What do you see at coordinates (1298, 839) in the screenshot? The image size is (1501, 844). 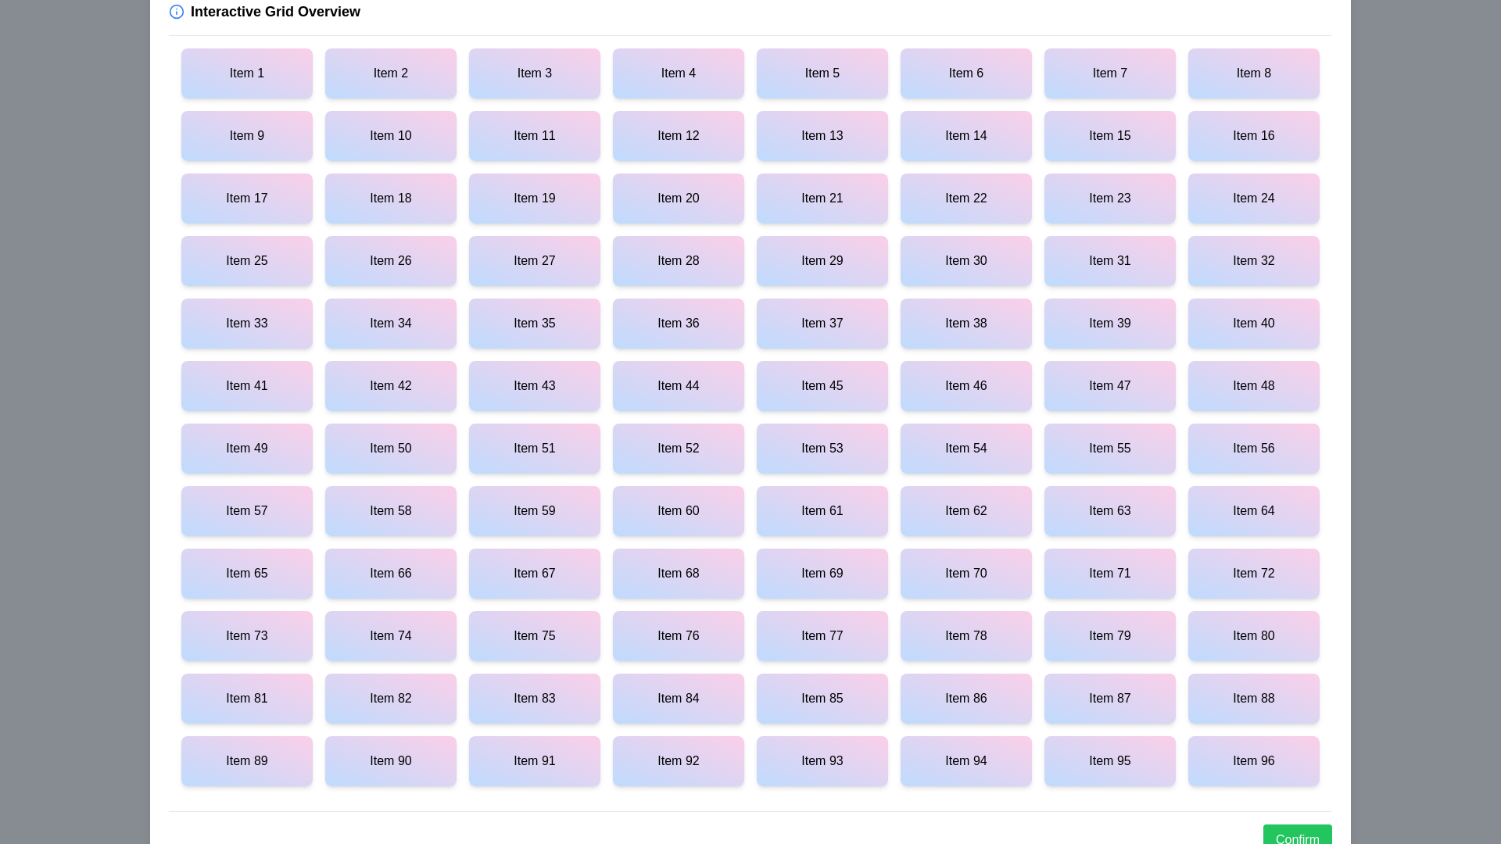 I see `the 'Confirm' button to save the interactions` at bounding box center [1298, 839].